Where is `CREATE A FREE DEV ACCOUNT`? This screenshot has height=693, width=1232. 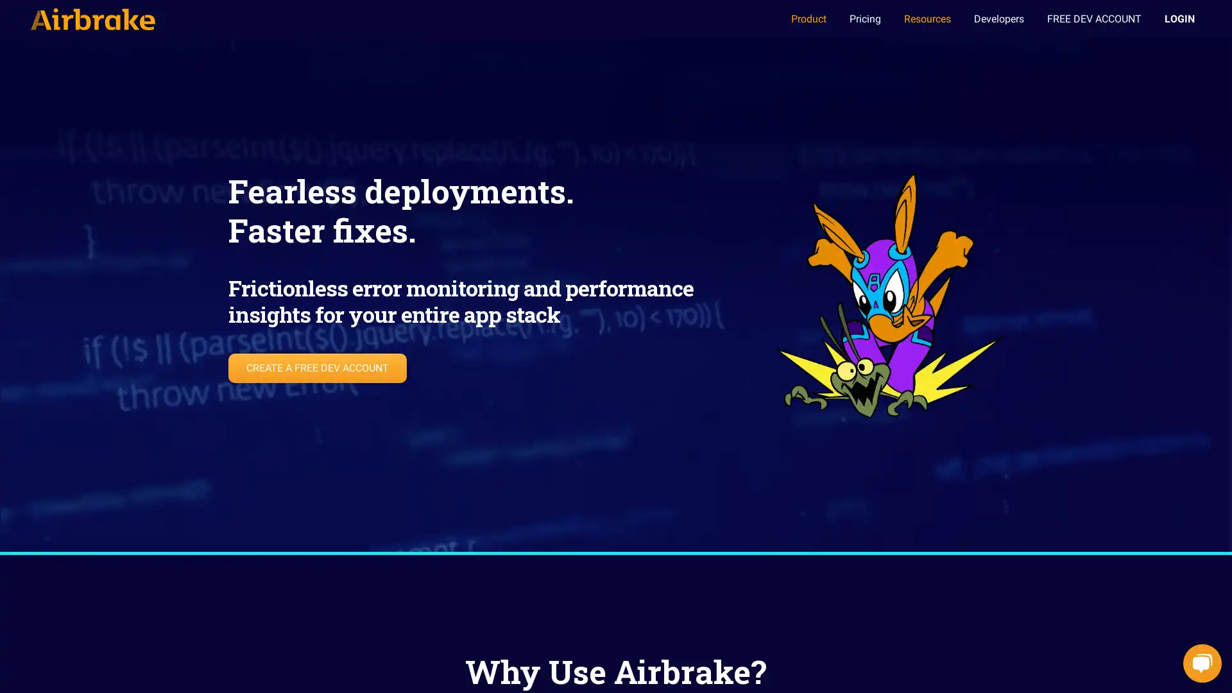
CREATE A FREE DEV ACCOUNT is located at coordinates (317, 368).